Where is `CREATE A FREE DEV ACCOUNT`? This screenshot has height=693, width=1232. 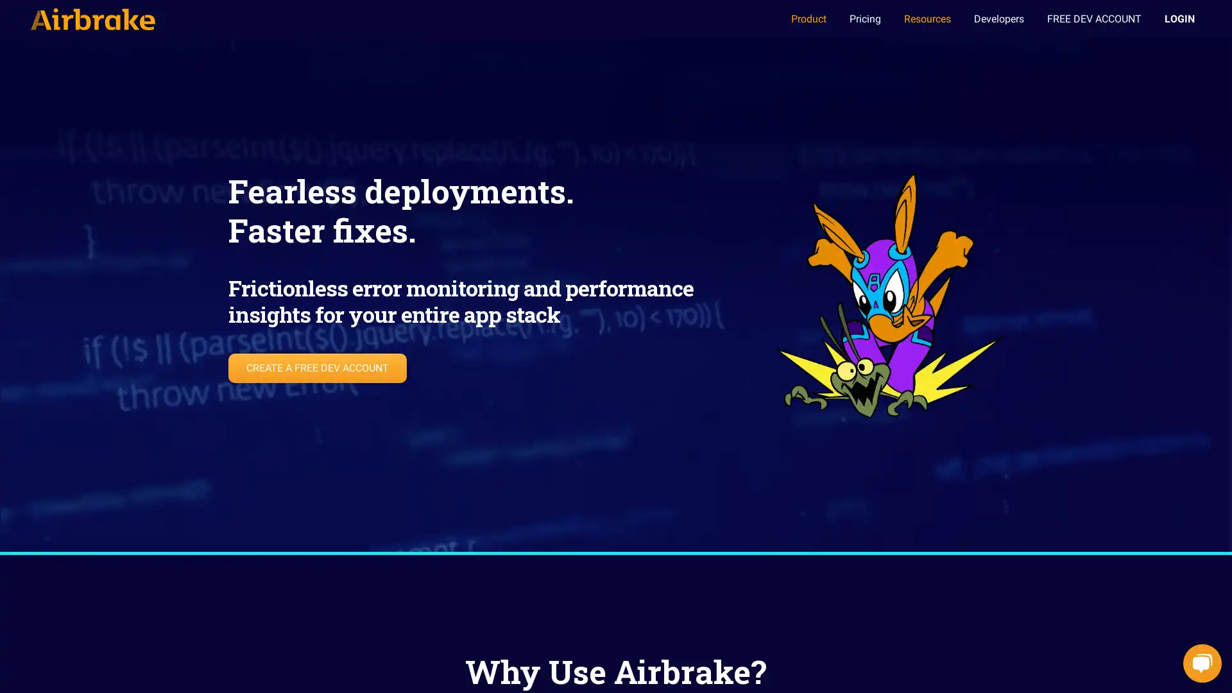
CREATE A FREE DEV ACCOUNT is located at coordinates (317, 368).